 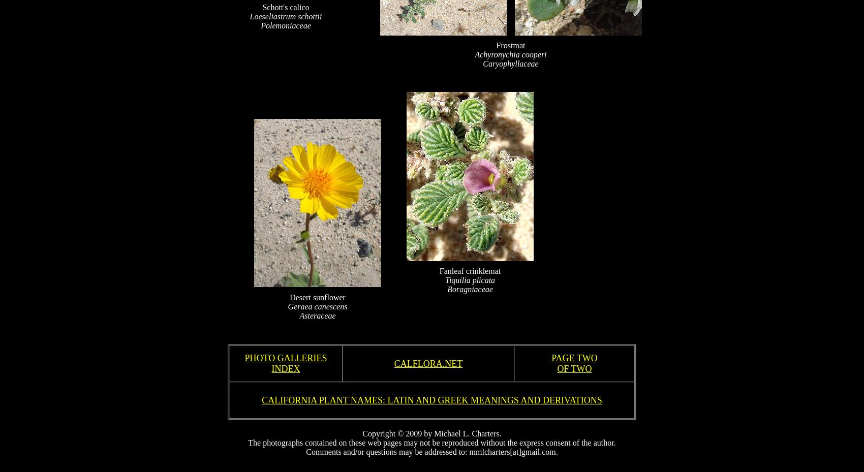 I want to click on 'CALIFORNIA PLANT NAMES: LATIN AND GREEK MEANINGS AND DERIVATIONS', so click(x=261, y=399).